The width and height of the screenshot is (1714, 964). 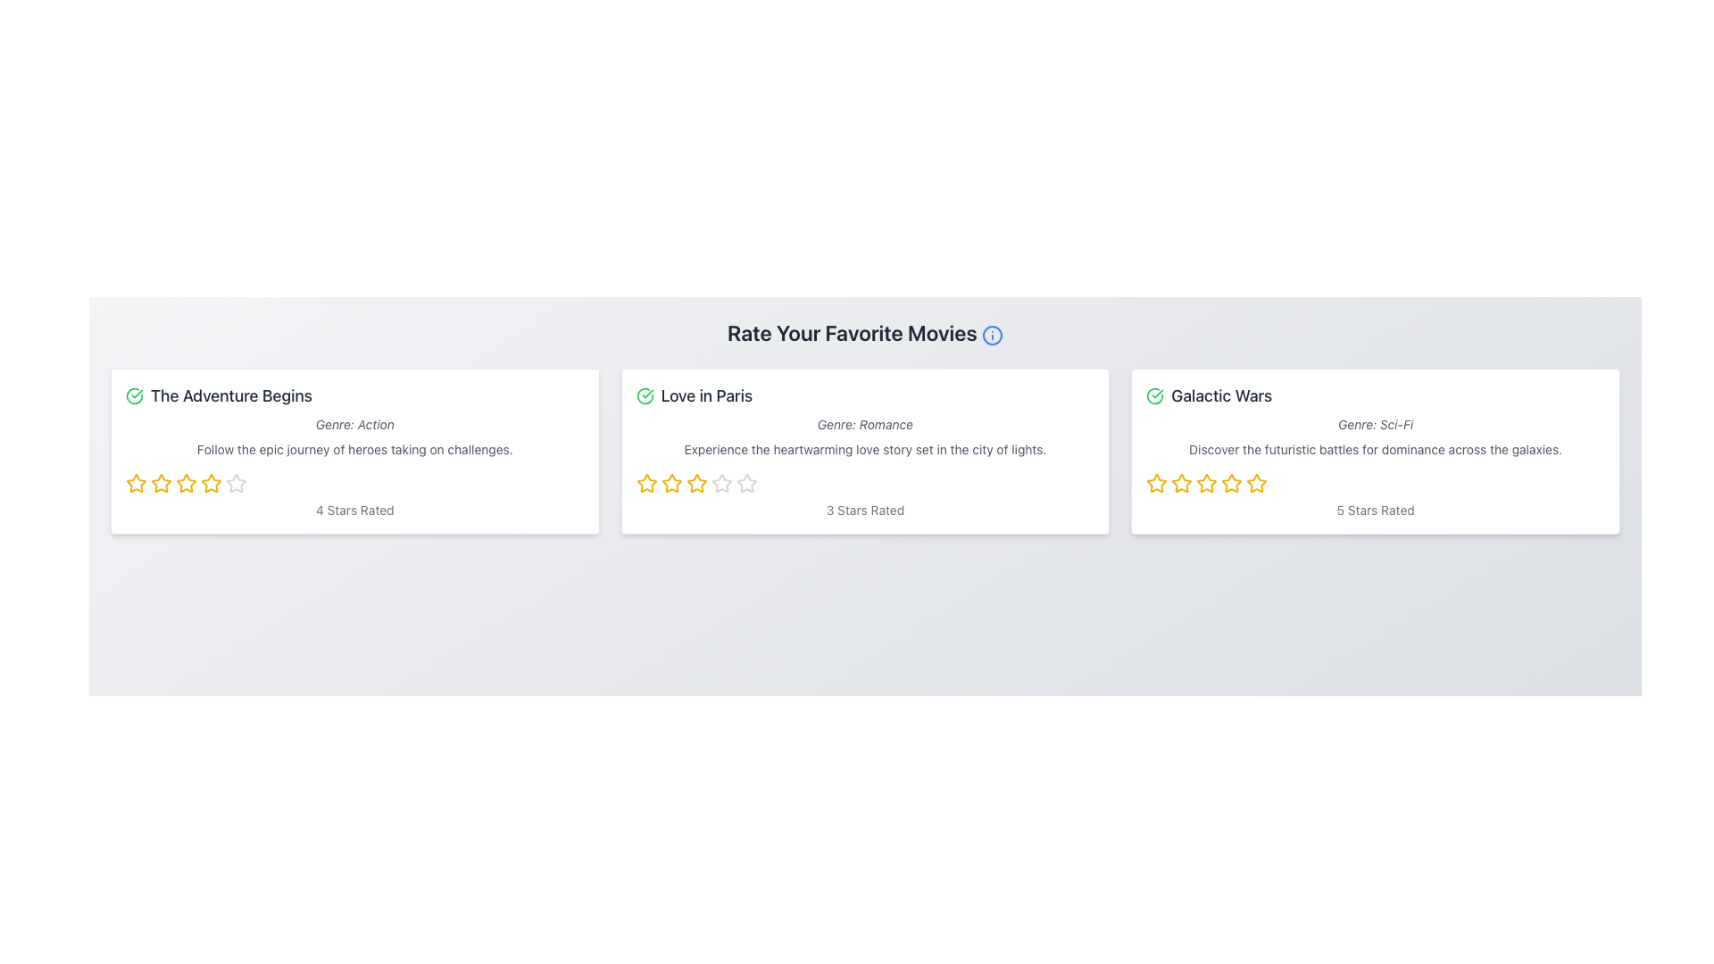 What do you see at coordinates (865, 510) in the screenshot?
I see `the text label indicating the star rating for the item titled 'Love in Paris'` at bounding box center [865, 510].